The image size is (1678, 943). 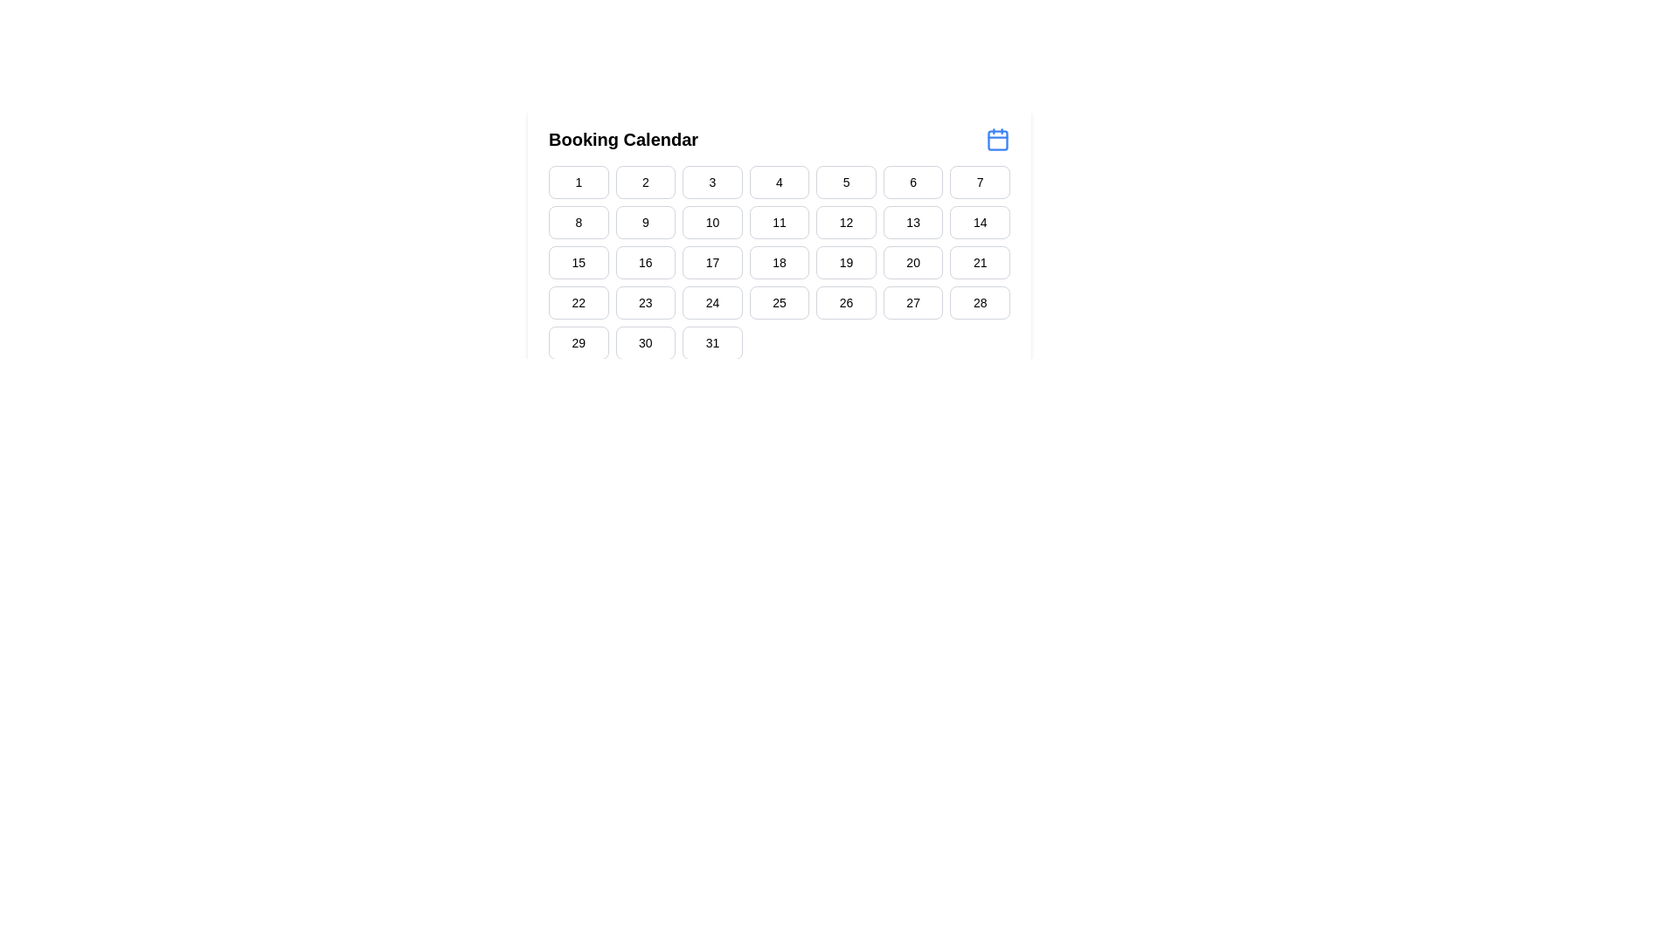 I want to click on the button representing the 21st day in the calendar interface to trigger the hover effect, so click(x=980, y=262).